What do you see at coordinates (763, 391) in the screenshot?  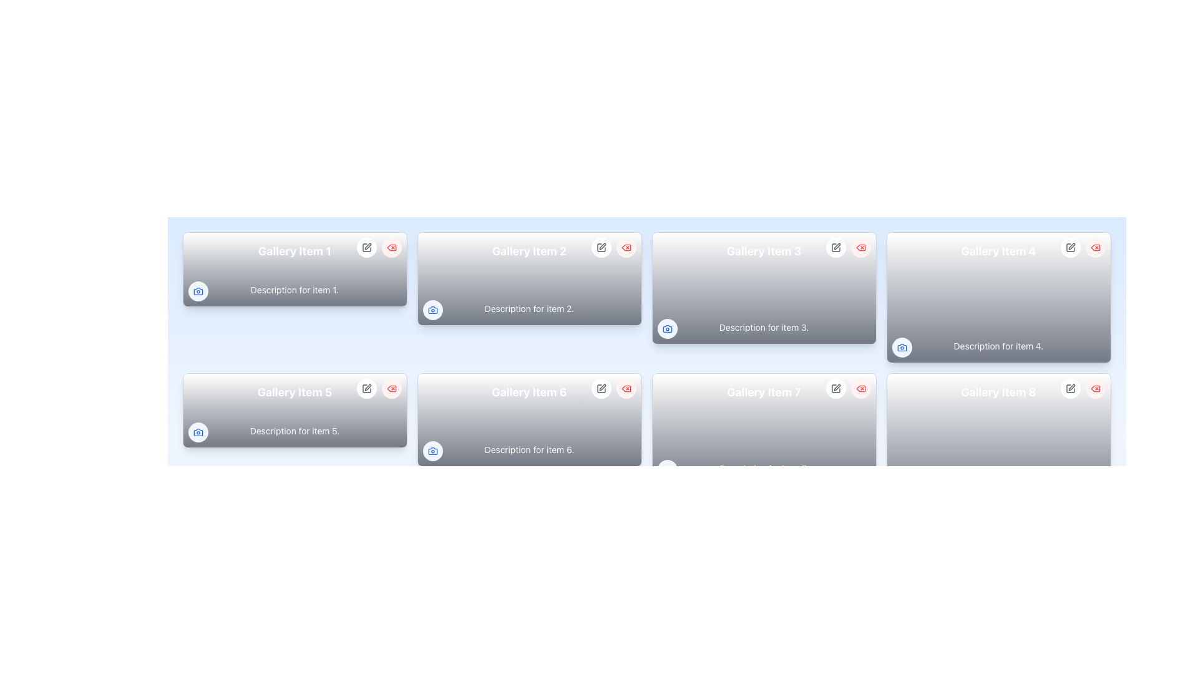 I see `header text of the gallery item labeled 'Gallery Item 7', which is positioned above the description text in its card` at bounding box center [763, 391].